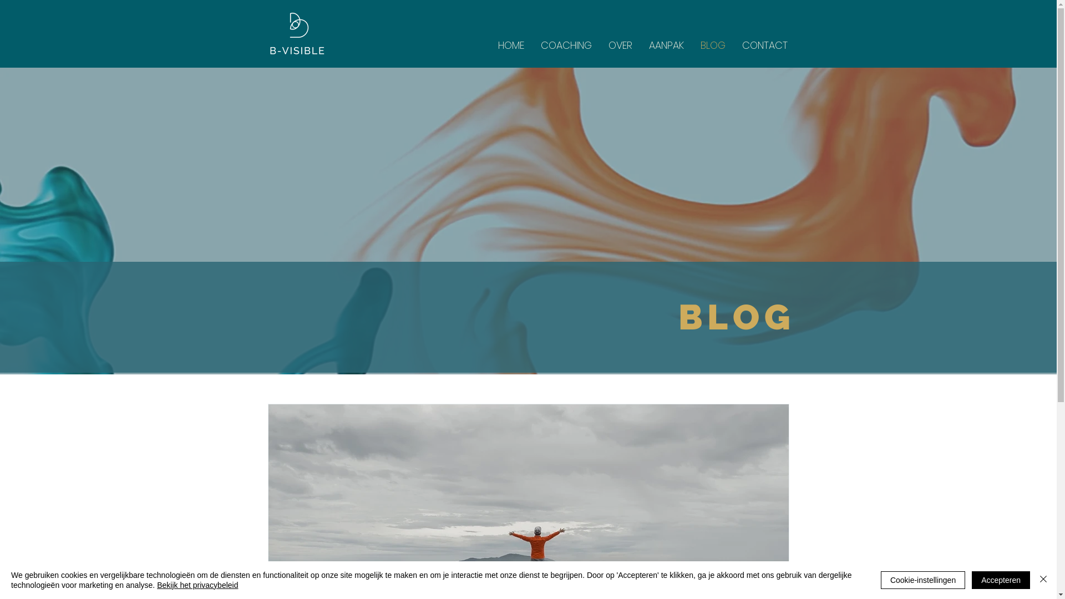 The width and height of the screenshot is (1065, 599). I want to click on 'COACHING', so click(566, 44).